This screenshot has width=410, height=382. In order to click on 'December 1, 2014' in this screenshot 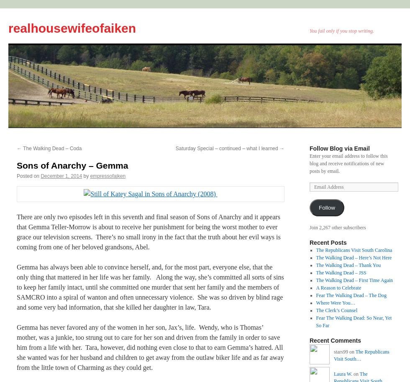, I will do `click(61, 176)`.